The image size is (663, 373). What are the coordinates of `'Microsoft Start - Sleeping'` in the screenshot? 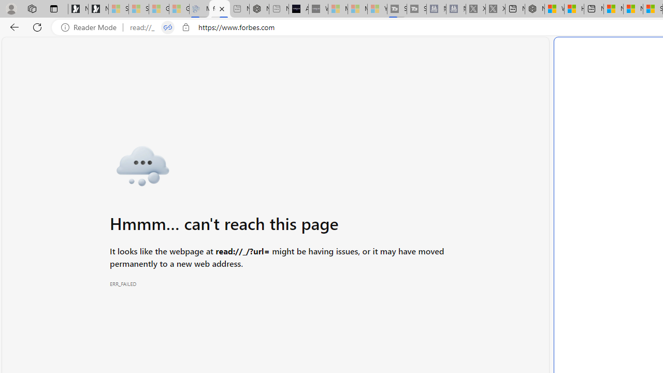 It's located at (357, 9).